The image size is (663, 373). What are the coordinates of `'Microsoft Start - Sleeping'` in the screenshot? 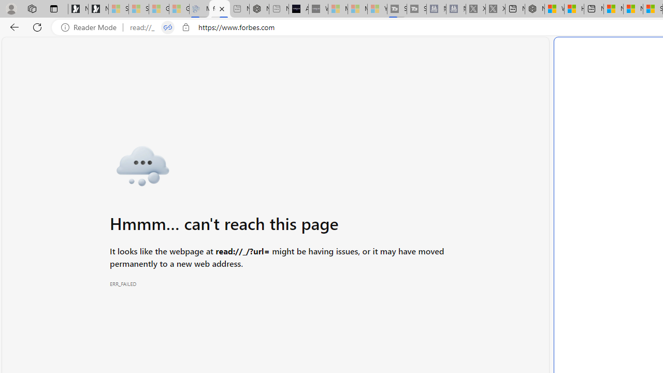 It's located at (357, 9).